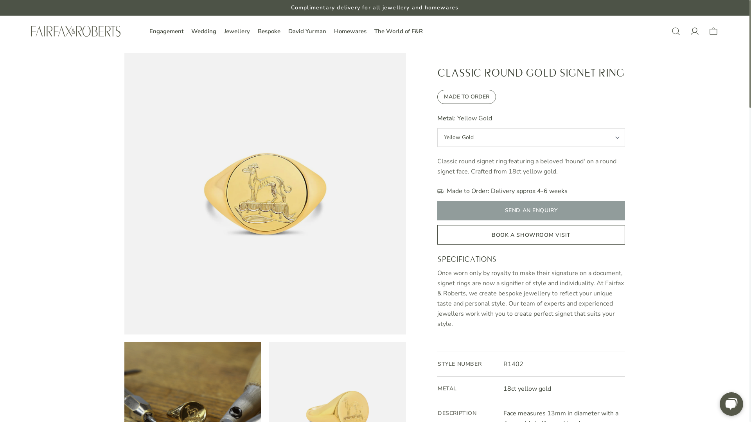 This screenshot has height=422, width=751. Describe the element at coordinates (531, 210) in the screenshot. I see `'SEND AN ENQUIRY'` at that location.